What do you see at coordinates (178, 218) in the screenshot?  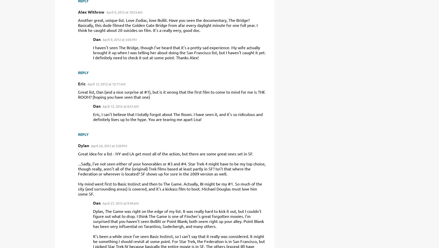 I see `'Dylan, The Game was right on the edge of my list. It was really hard to kick it out, but I couldn't figure out what to drop. I think The Game is one of Fincher's great forgotten movies. I'm surprised that you haven't seen Bullitt or Point Blank; both seem right up your alley. Point Blank has been very influential on Tarantino, Soderbergh, and many others.'` at bounding box center [178, 218].